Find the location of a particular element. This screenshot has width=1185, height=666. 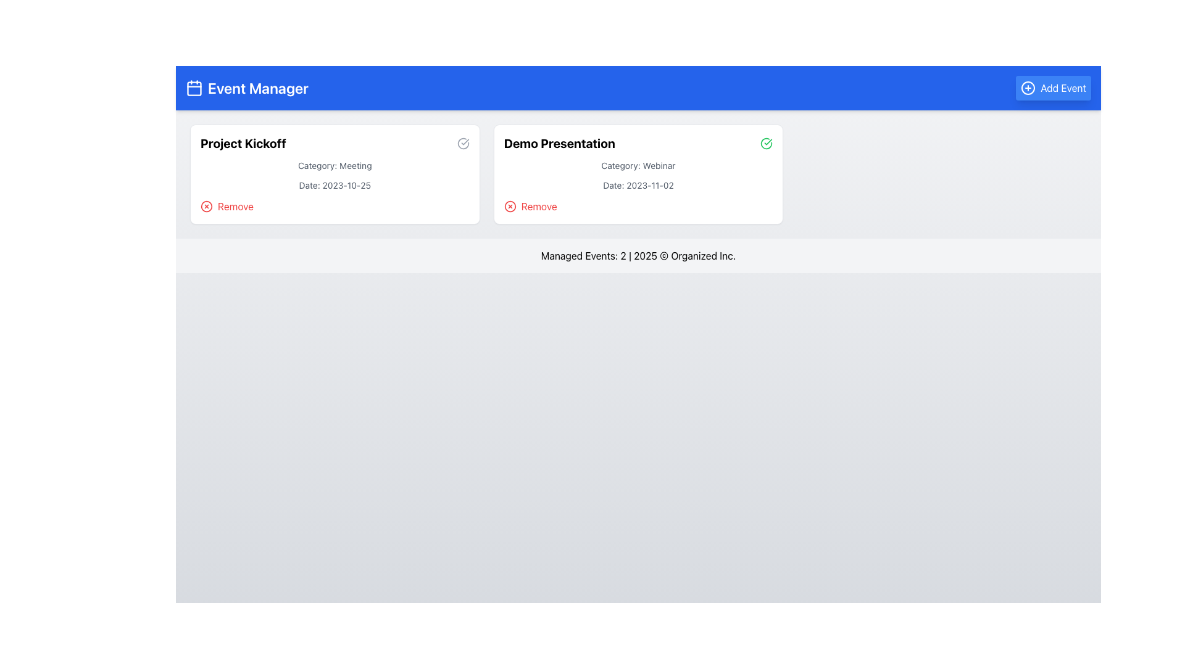

the calendar icon, which is a minimal white outline against a blue background, located at the top-left corner of the blue header bar before the 'Event Manager' title text is located at coordinates (194, 87).